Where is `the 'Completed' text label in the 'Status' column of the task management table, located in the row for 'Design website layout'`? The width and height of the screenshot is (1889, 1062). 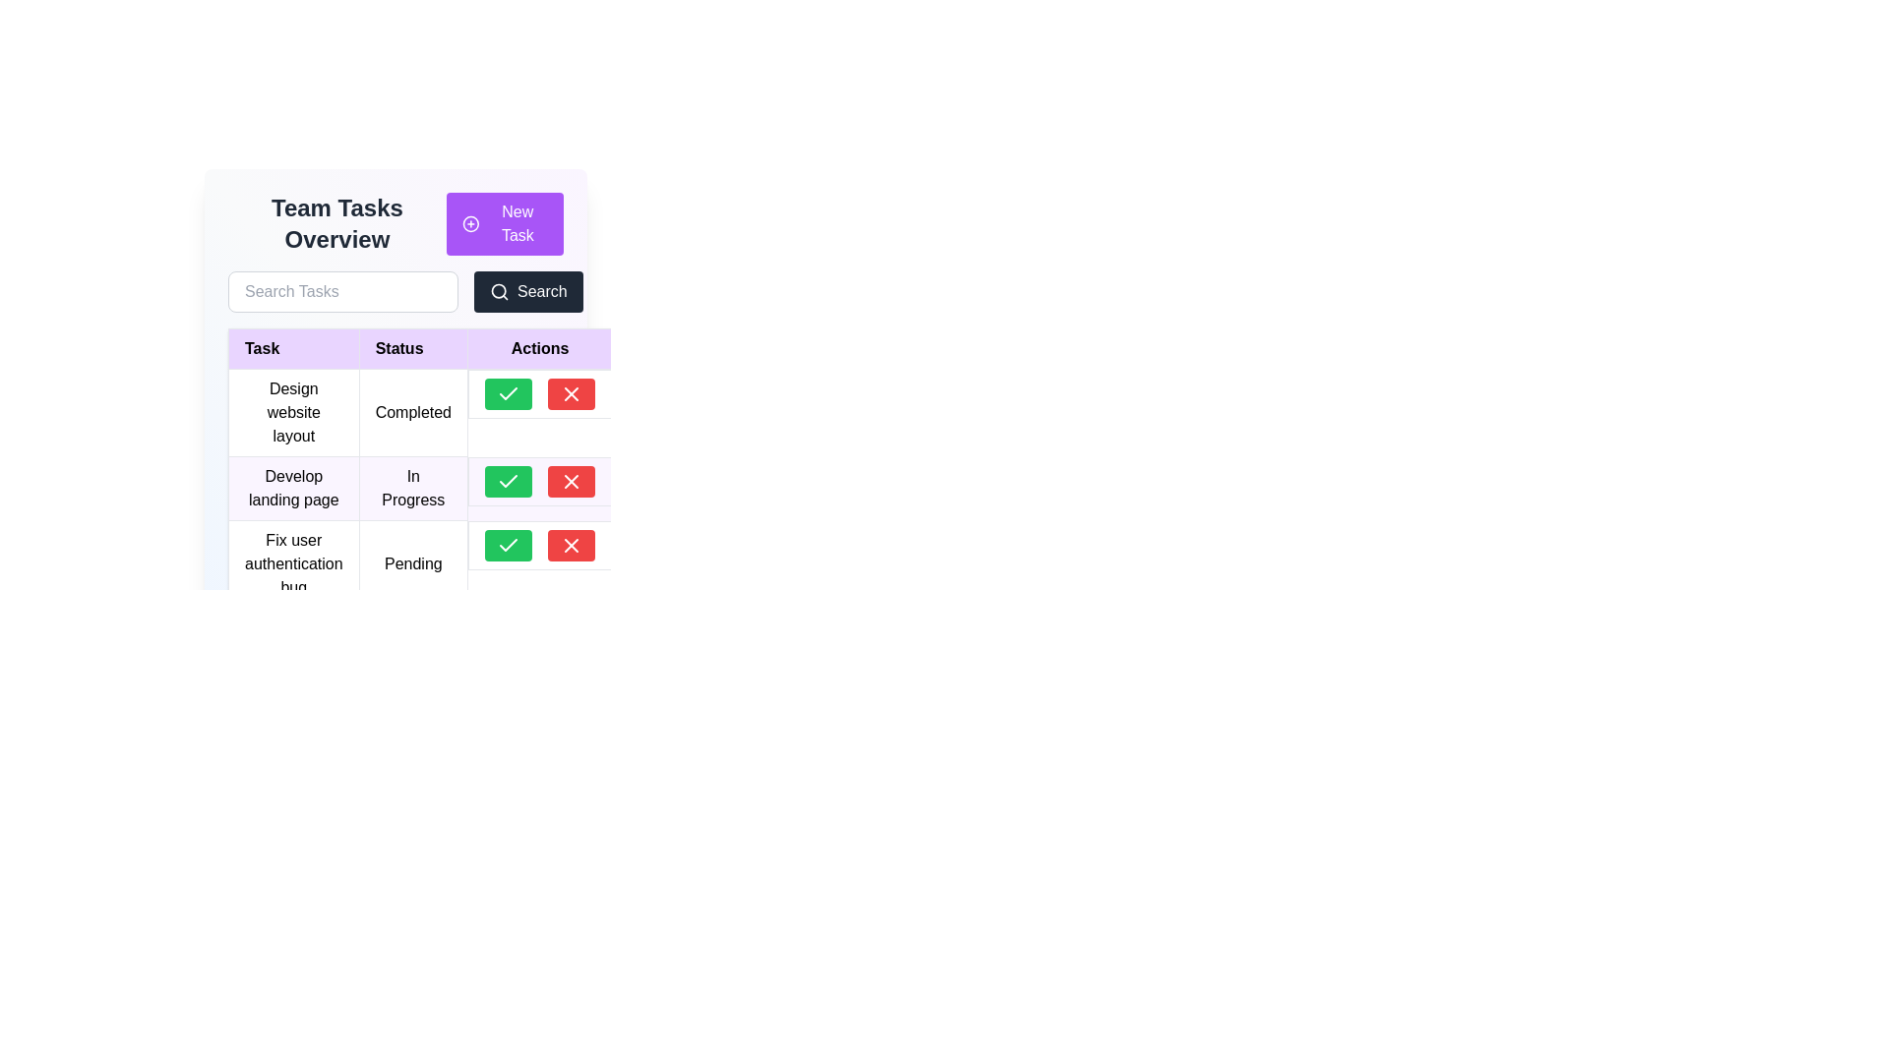 the 'Completed' text label in the 'Status' column of the task management table, located in the row for 'Design website layout' is located at coordinates (412, 412).